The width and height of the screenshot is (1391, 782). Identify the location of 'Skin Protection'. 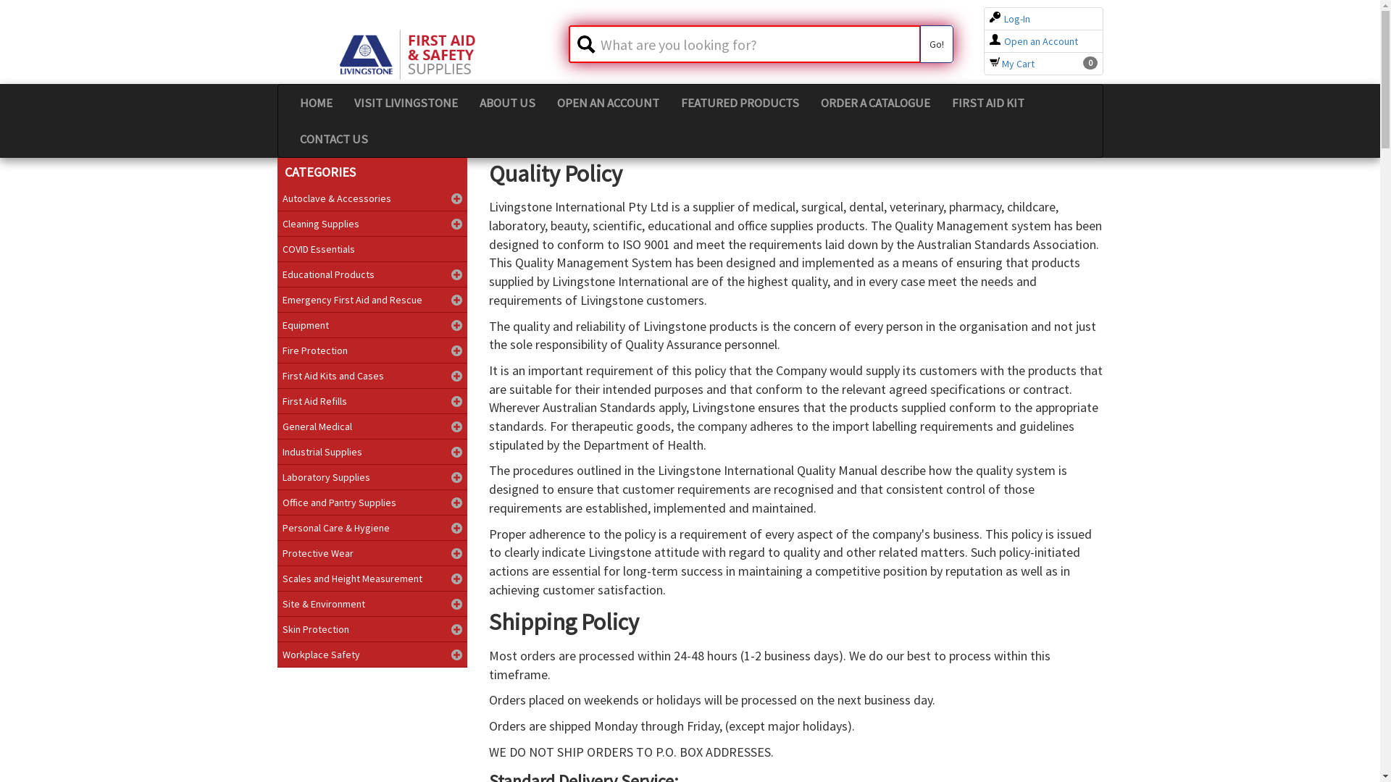
(277, 628).